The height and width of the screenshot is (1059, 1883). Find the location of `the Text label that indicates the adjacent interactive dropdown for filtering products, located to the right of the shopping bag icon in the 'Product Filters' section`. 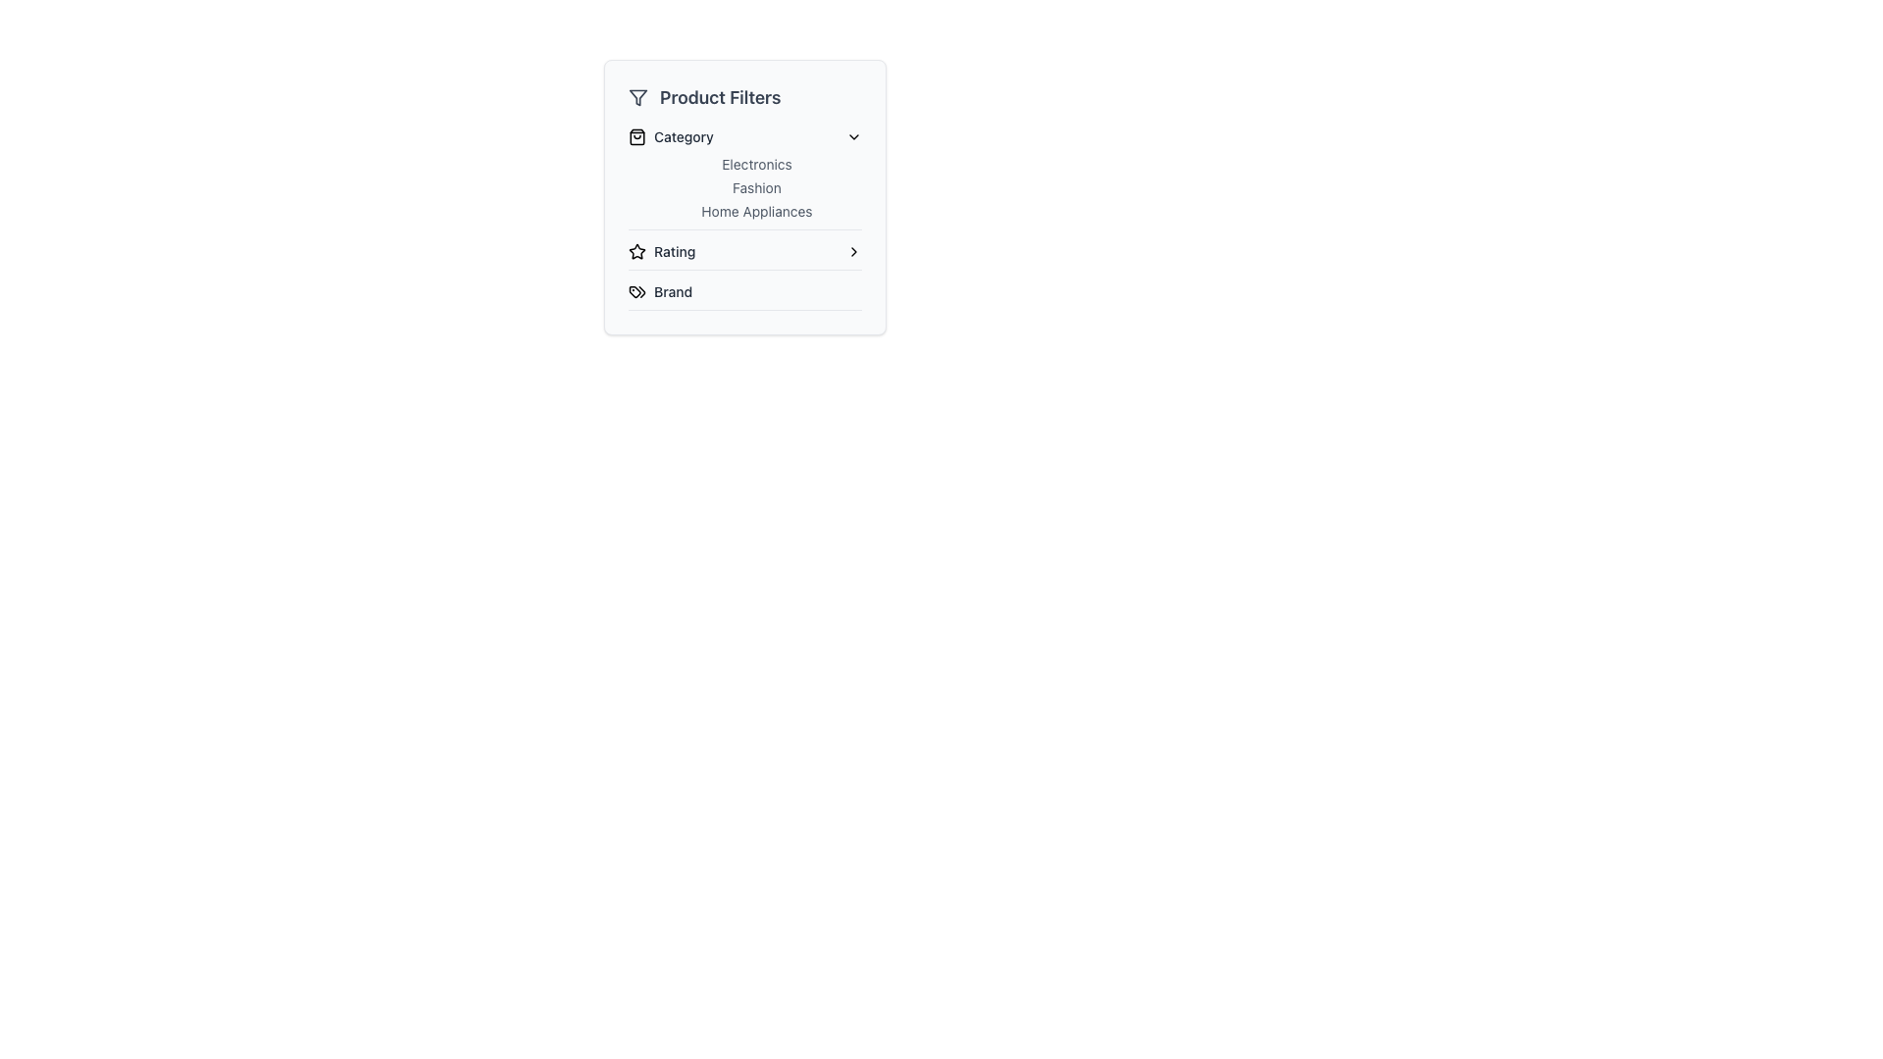

the Text label that indicates the adjacent interactive dropdown for filtering products, located to the right of the shopping bag icon in the 'Product Filters' section is located at coordinates (684, 135).